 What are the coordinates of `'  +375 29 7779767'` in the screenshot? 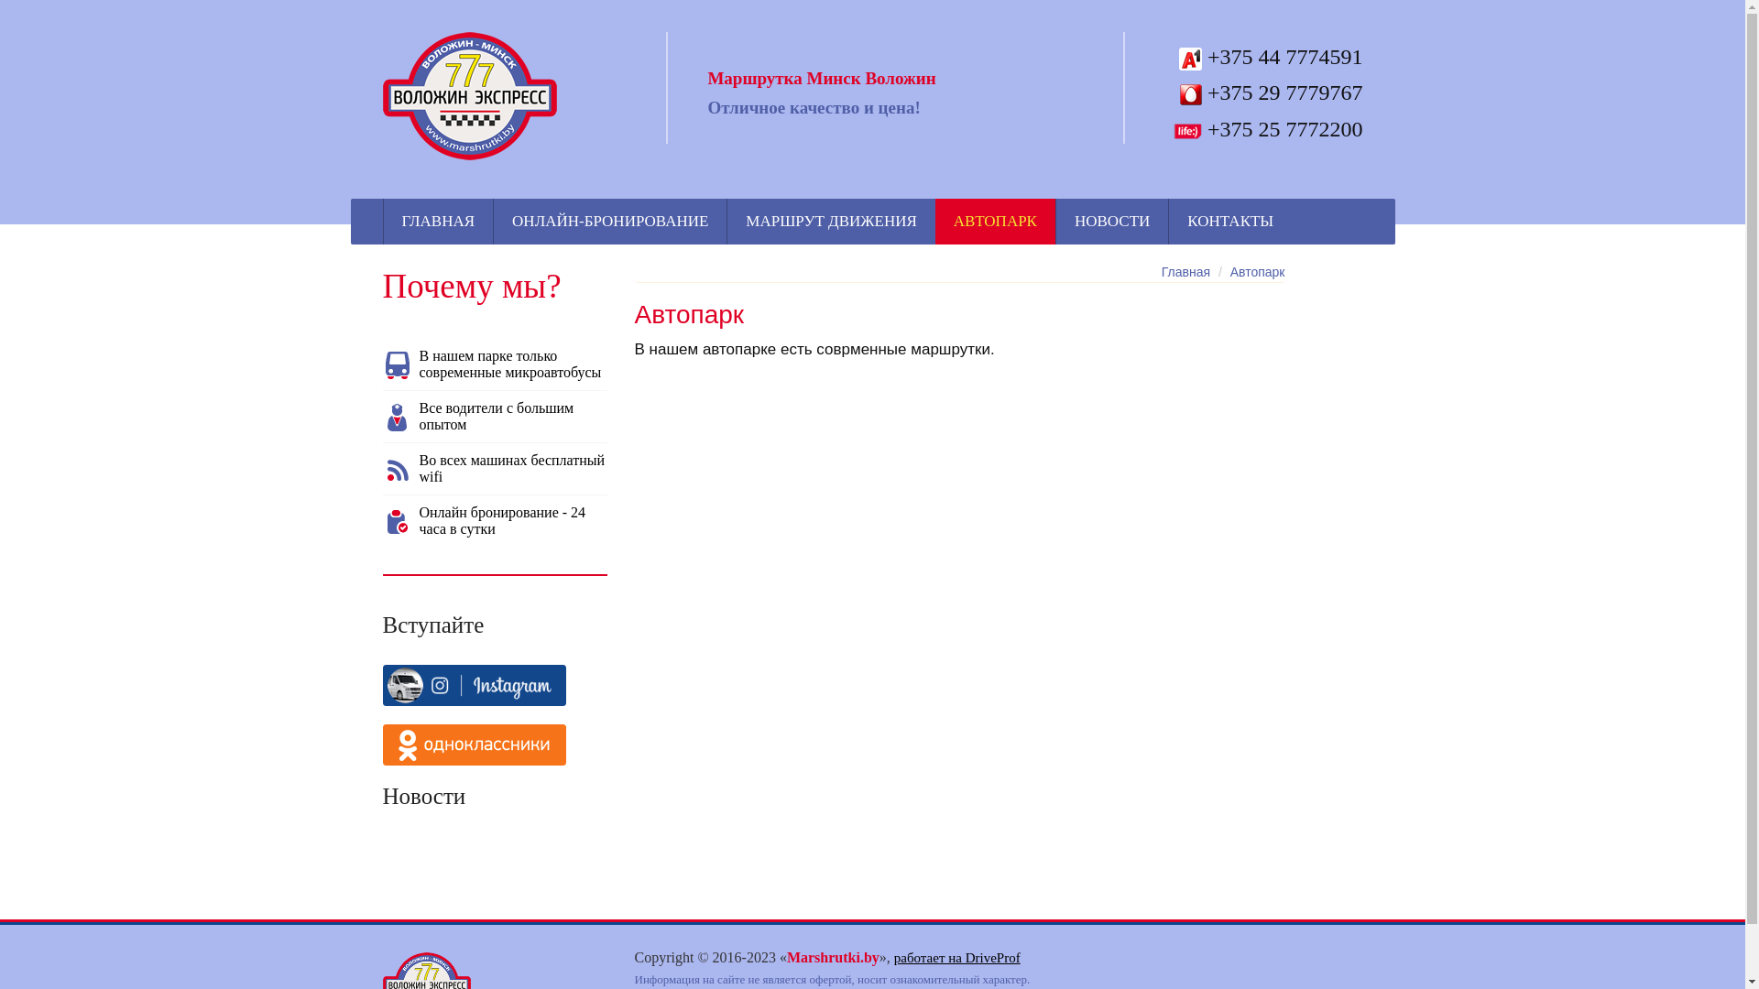 It's located at (1265, 92).